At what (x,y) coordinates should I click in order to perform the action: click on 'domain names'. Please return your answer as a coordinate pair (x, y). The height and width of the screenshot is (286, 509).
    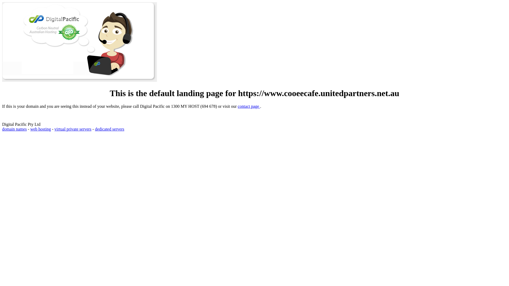
    Looking at the image, I should click on (14, 129).